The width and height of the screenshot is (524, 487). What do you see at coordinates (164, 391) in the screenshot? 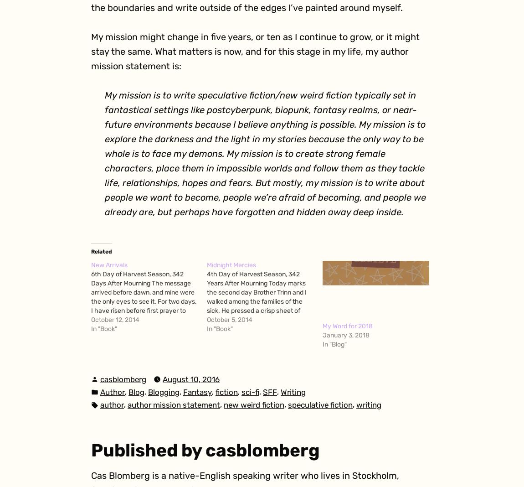
I see `'Blogging'` at bounding box center [164, 391].